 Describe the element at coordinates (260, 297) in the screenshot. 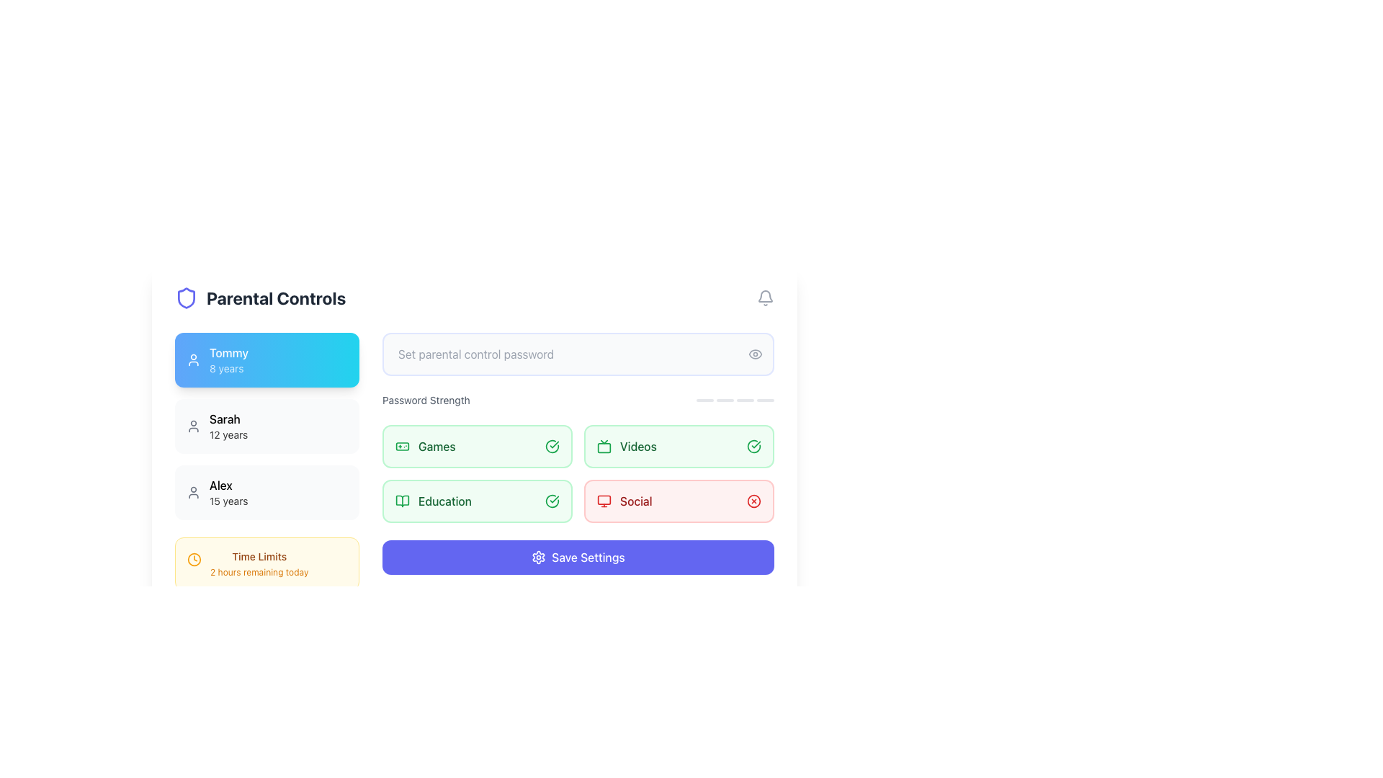

I see `the 'Parental Controls' text label, which is prominently displayed in large, bold, gray-black text next to a shield icon in indigo color, located in the upper-left section of the page` at that location.